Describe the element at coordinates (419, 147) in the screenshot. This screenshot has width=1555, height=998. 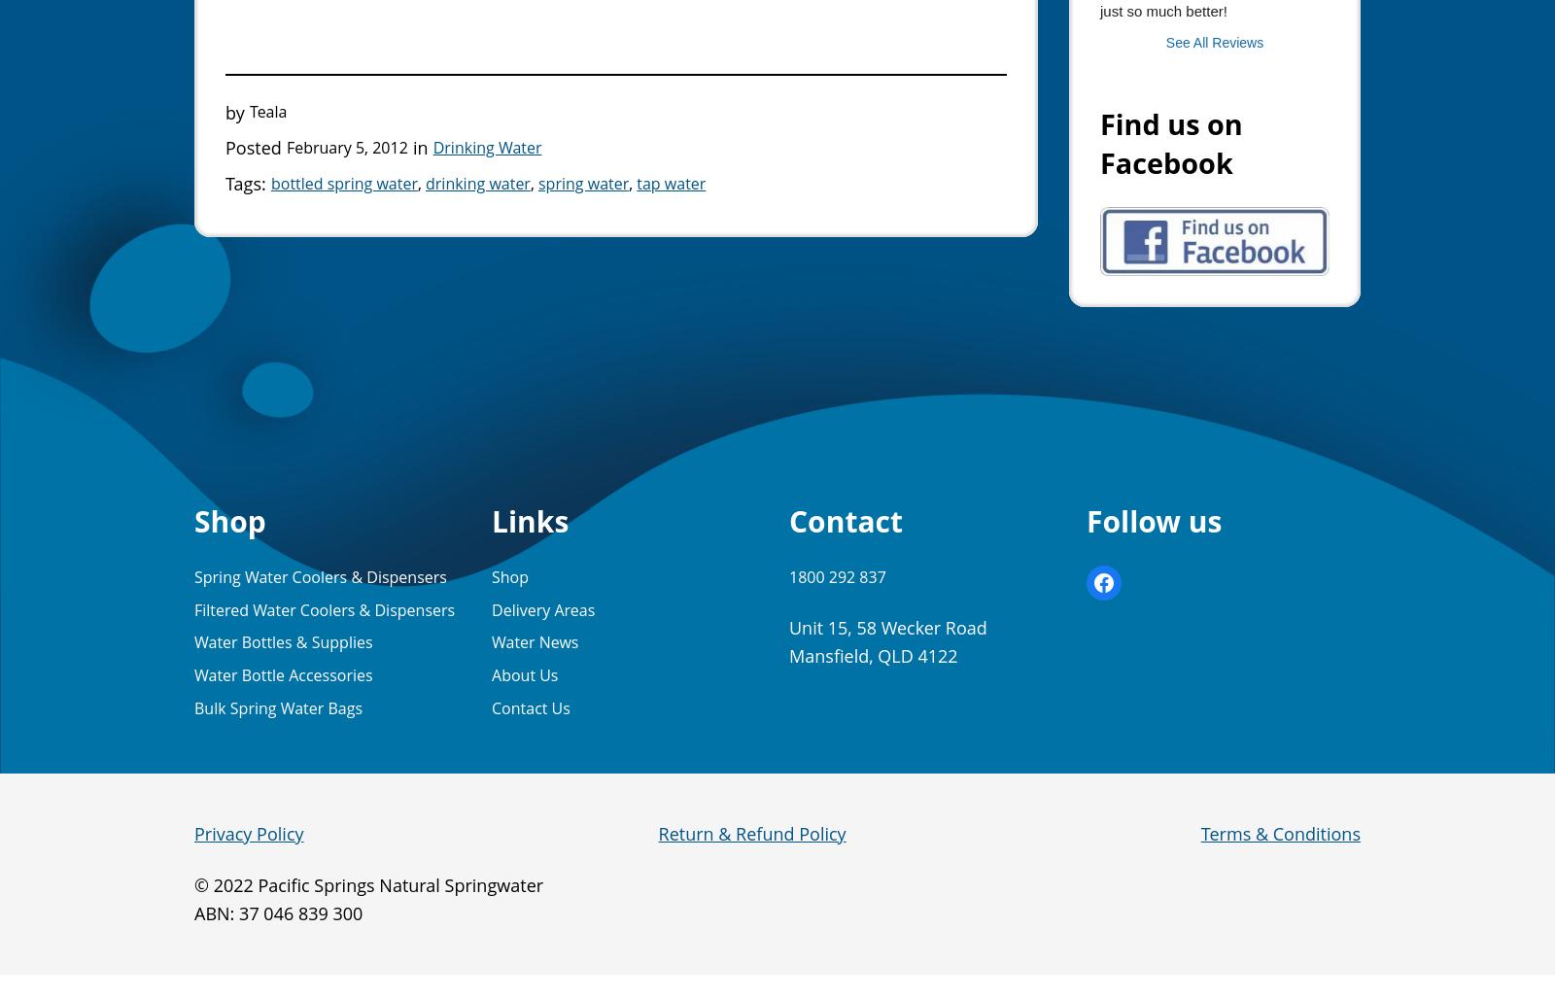
I see `'in'` at that location.